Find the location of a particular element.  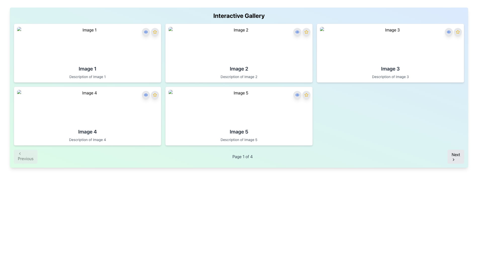

the static text label located directly below the 'Image 3' title in the rightmost column of the gallery is located at coordinates (390, 77).